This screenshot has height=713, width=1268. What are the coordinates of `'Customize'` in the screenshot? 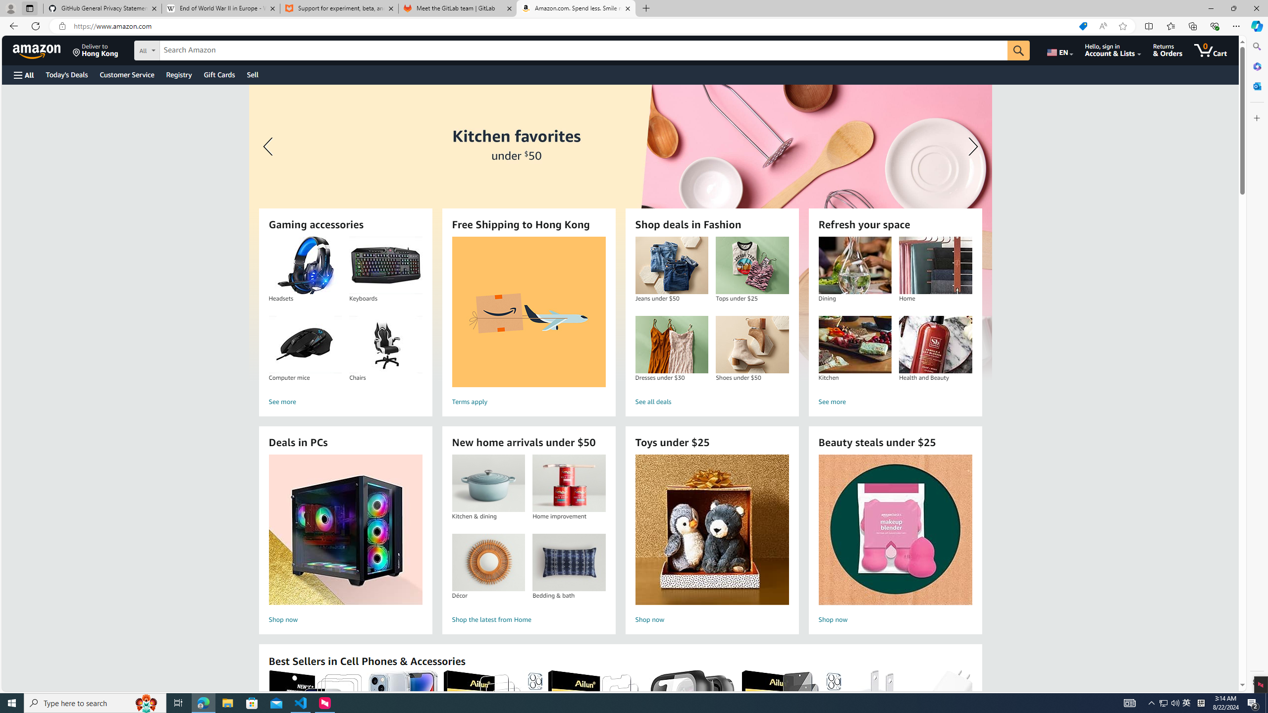 It's located at (1256, 117).